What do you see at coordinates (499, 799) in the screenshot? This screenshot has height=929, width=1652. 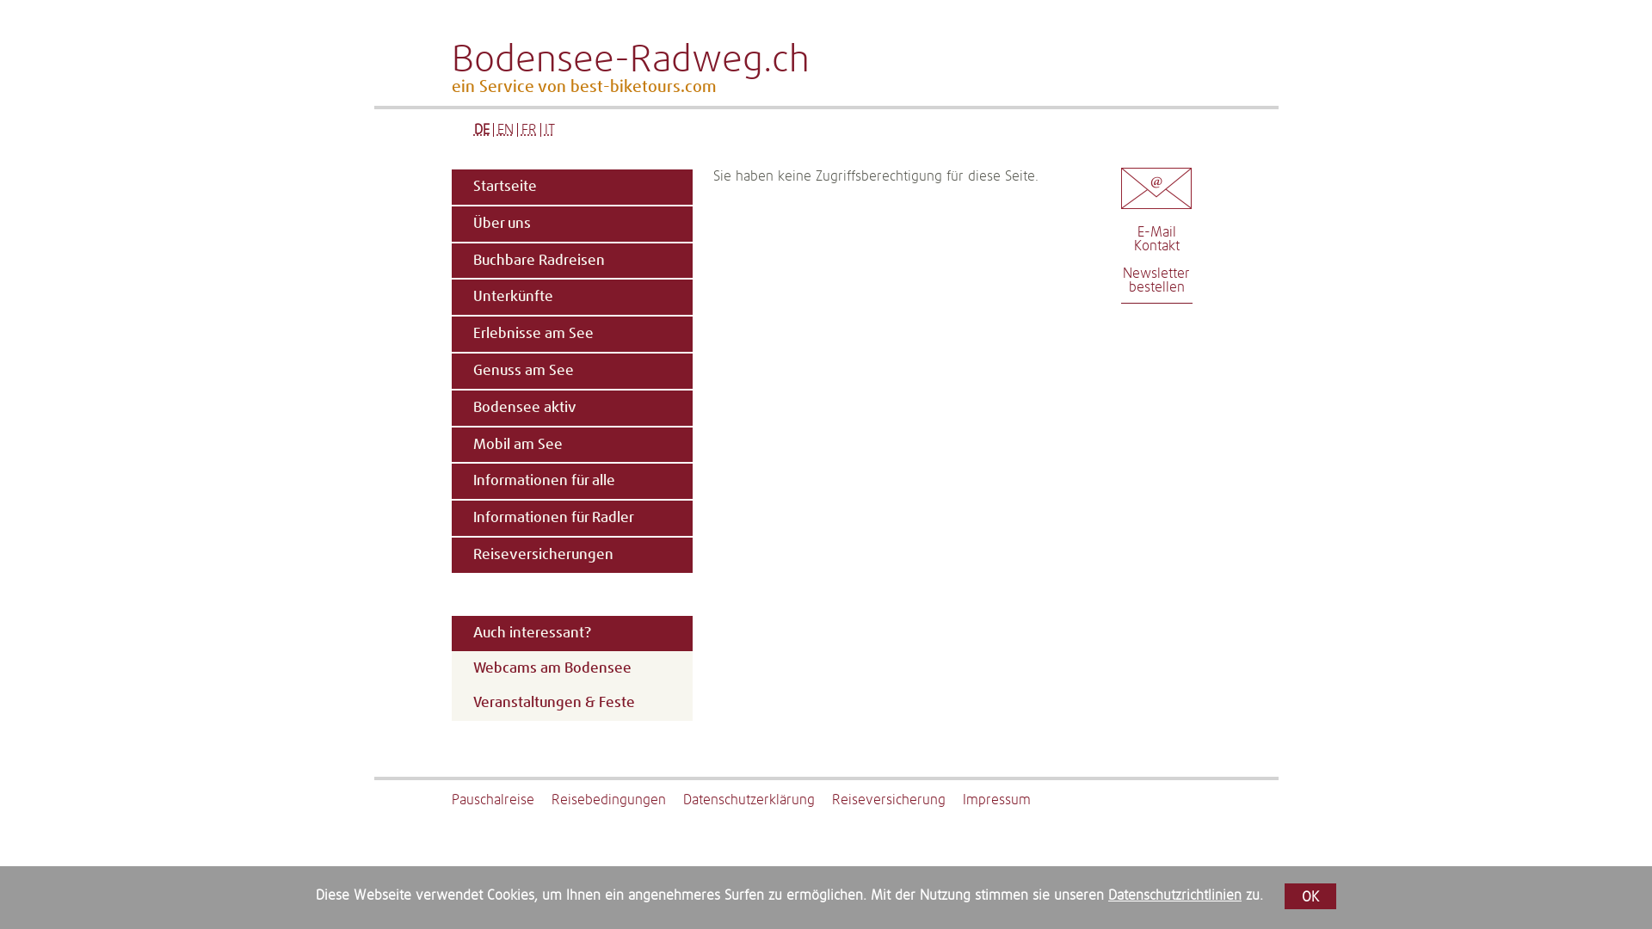 I see `'Pauschalreise'` at bounding box center [499, 799].